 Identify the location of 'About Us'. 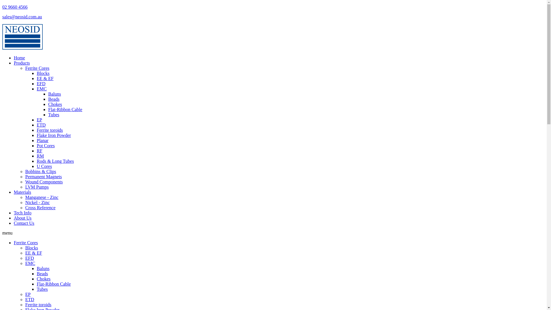
(22, 218).